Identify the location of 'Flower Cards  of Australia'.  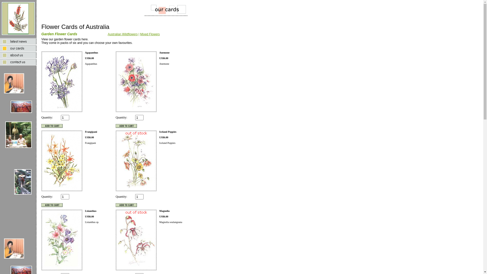
(2, 18).